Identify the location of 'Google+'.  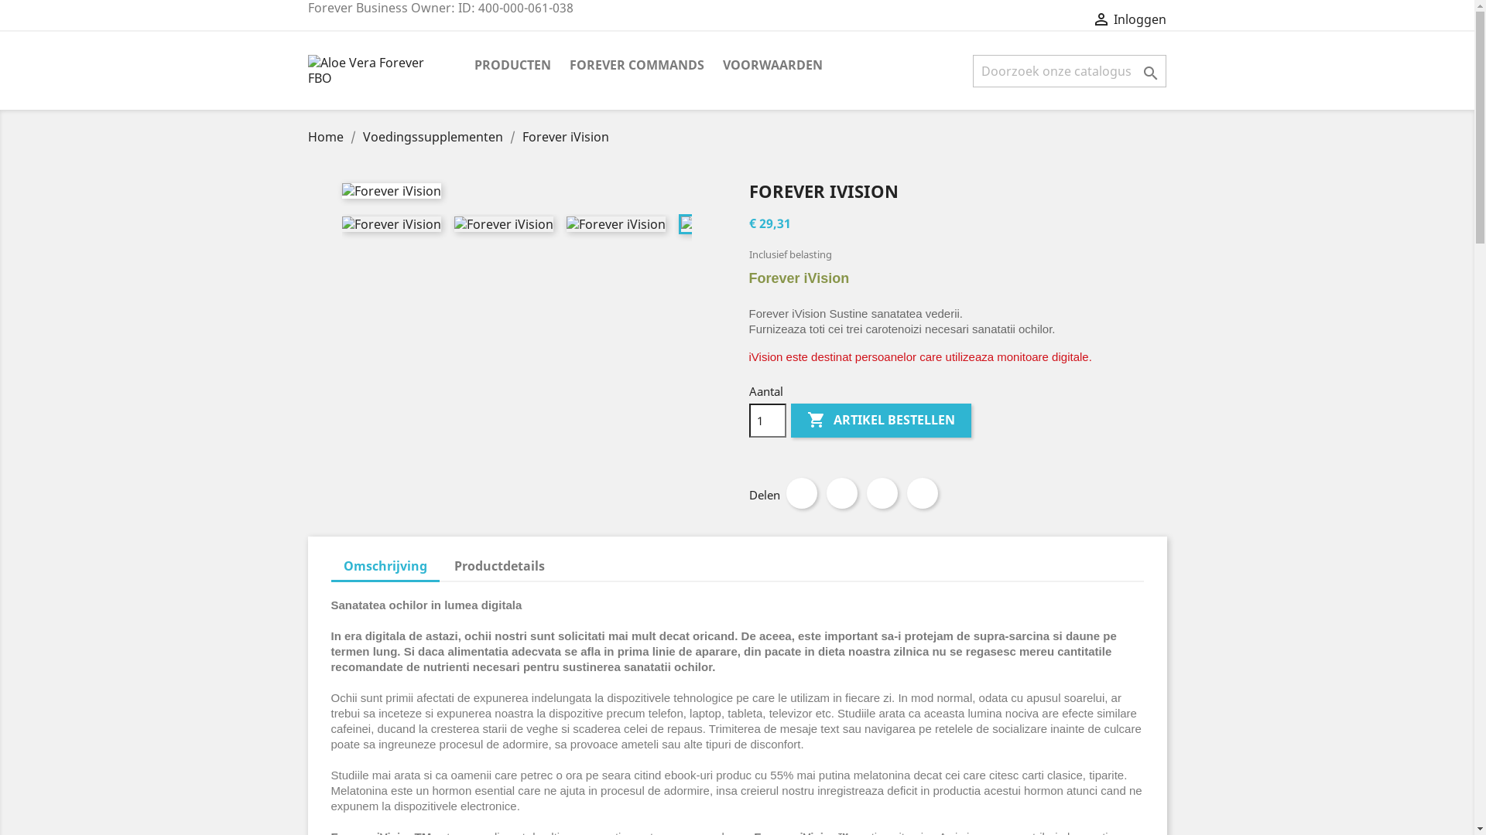
(882, 492).